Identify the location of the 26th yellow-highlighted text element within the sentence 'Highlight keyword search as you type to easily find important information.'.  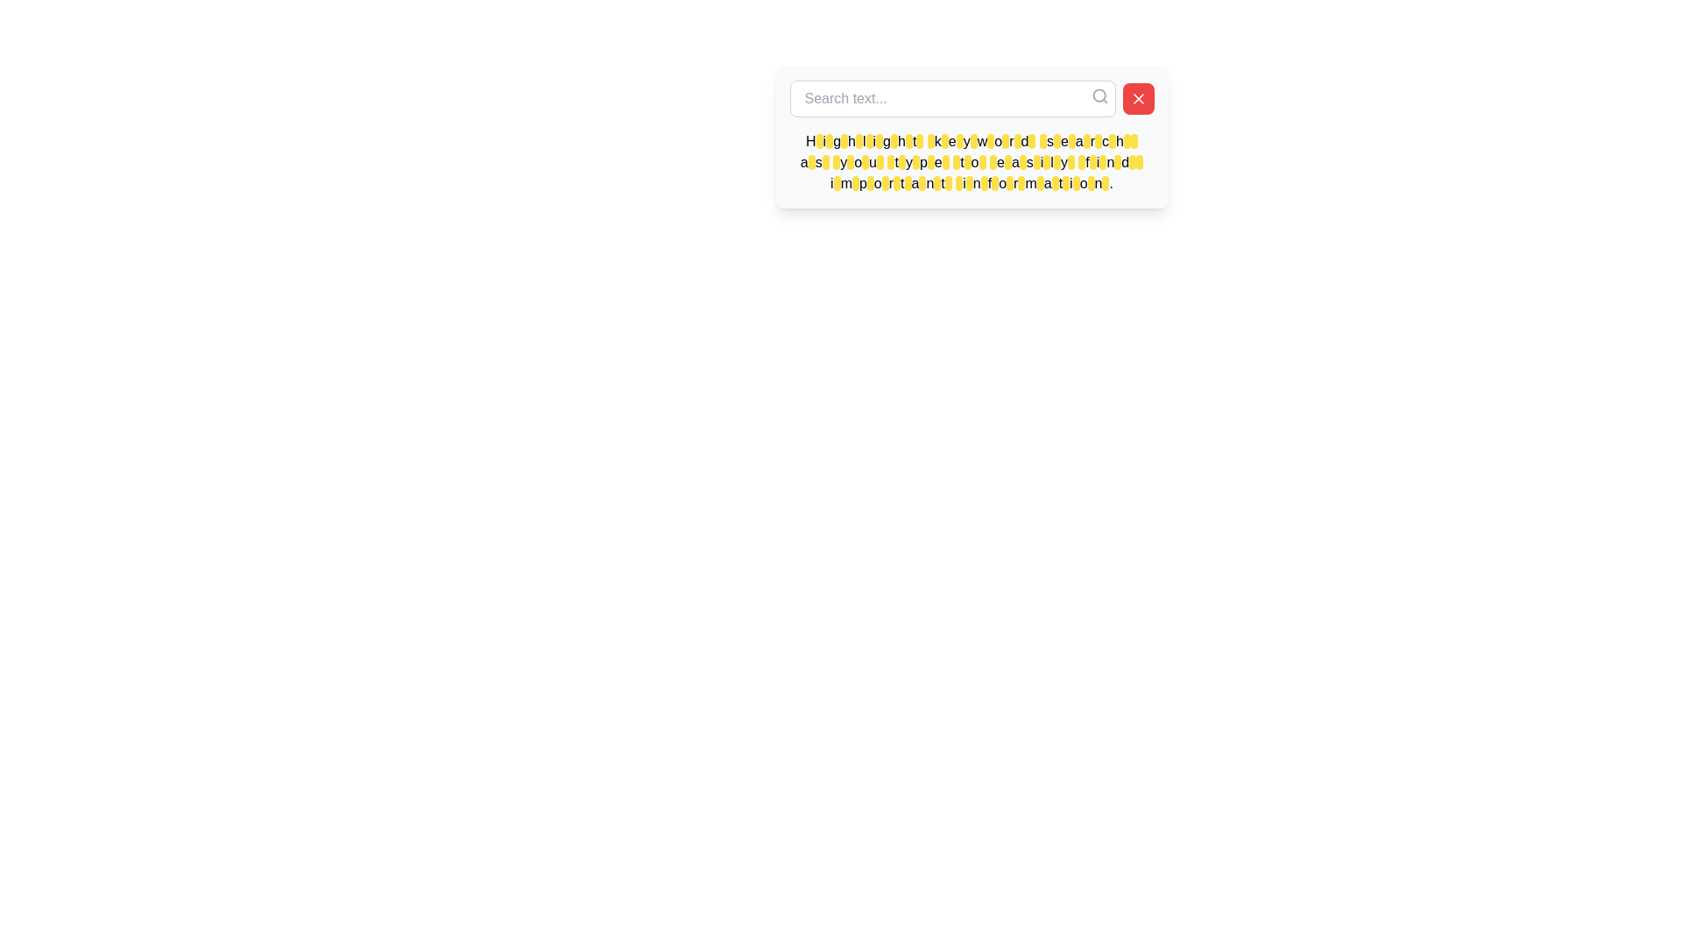
(1134, 140).